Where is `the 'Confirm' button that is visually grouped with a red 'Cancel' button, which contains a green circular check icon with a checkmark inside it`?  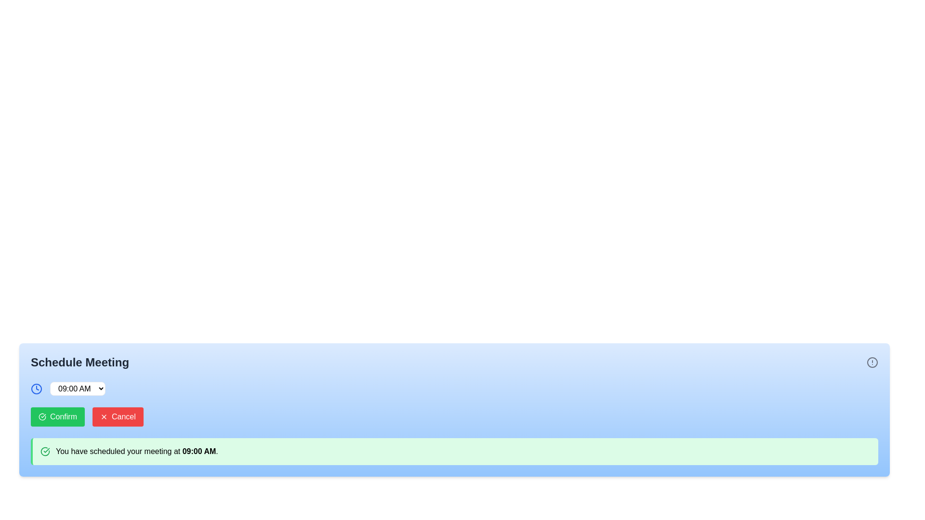
the 'Confirm' button that is visually grouped with a red 'Cancel' button, which contains a green circular check icon with a checkmark inside it is located at coordinates (41, 416).